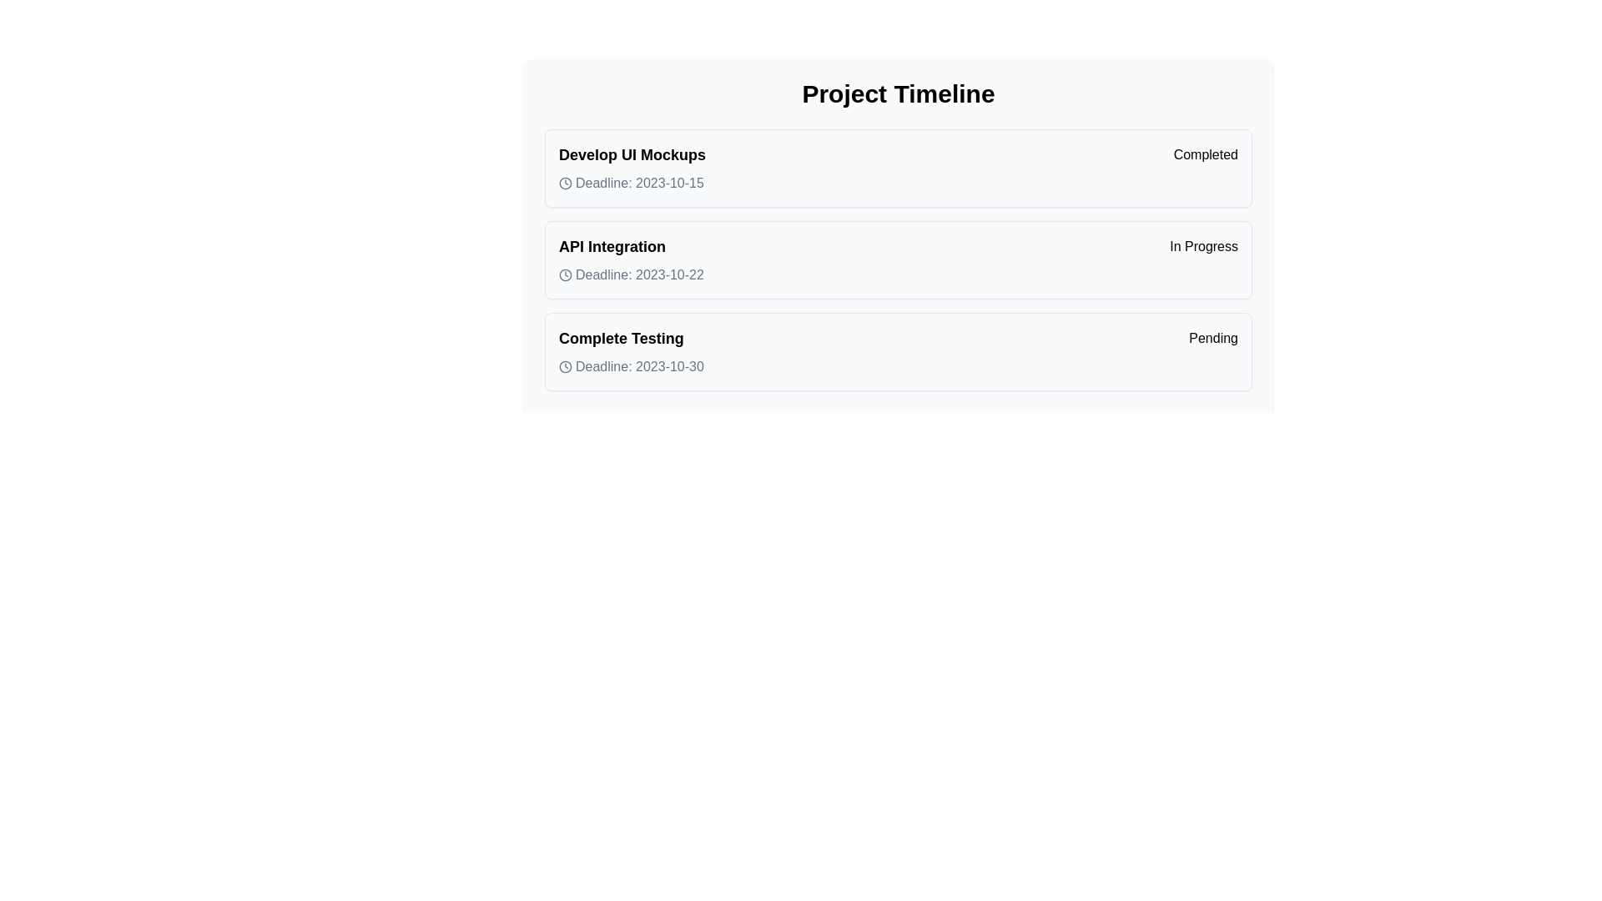 The height and width of the screenshot is (901, 1602). I want to click on the circular graphical representation within the clock icon located in the 'Develop UI Mockups' row, which indicates a deadline, so click(565, 183).